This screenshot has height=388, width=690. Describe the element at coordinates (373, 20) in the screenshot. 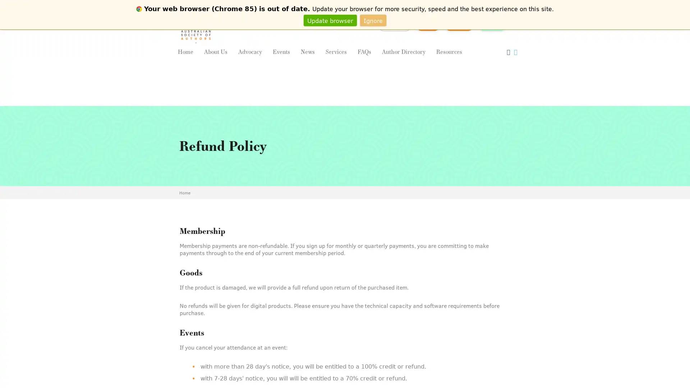

I see `Ignore` at that location.